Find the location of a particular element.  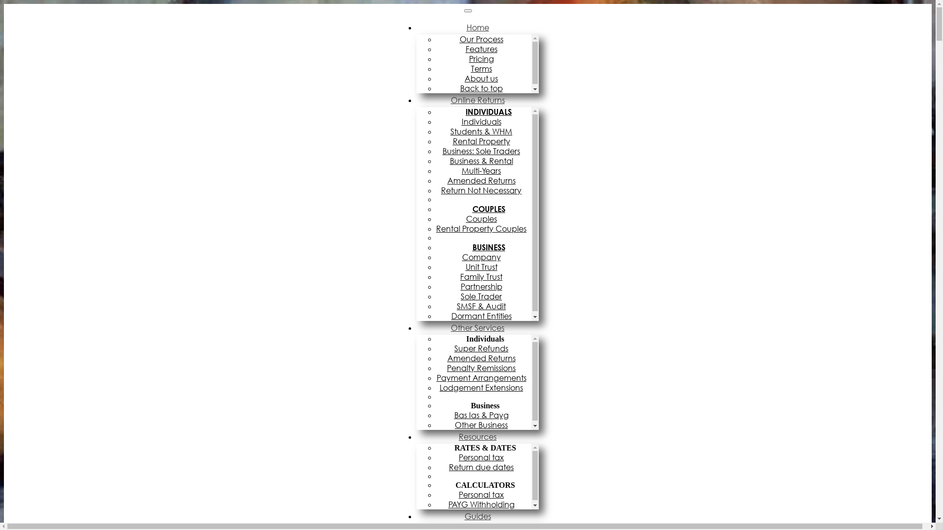

'Terms' is located at coordinates (483, 68).